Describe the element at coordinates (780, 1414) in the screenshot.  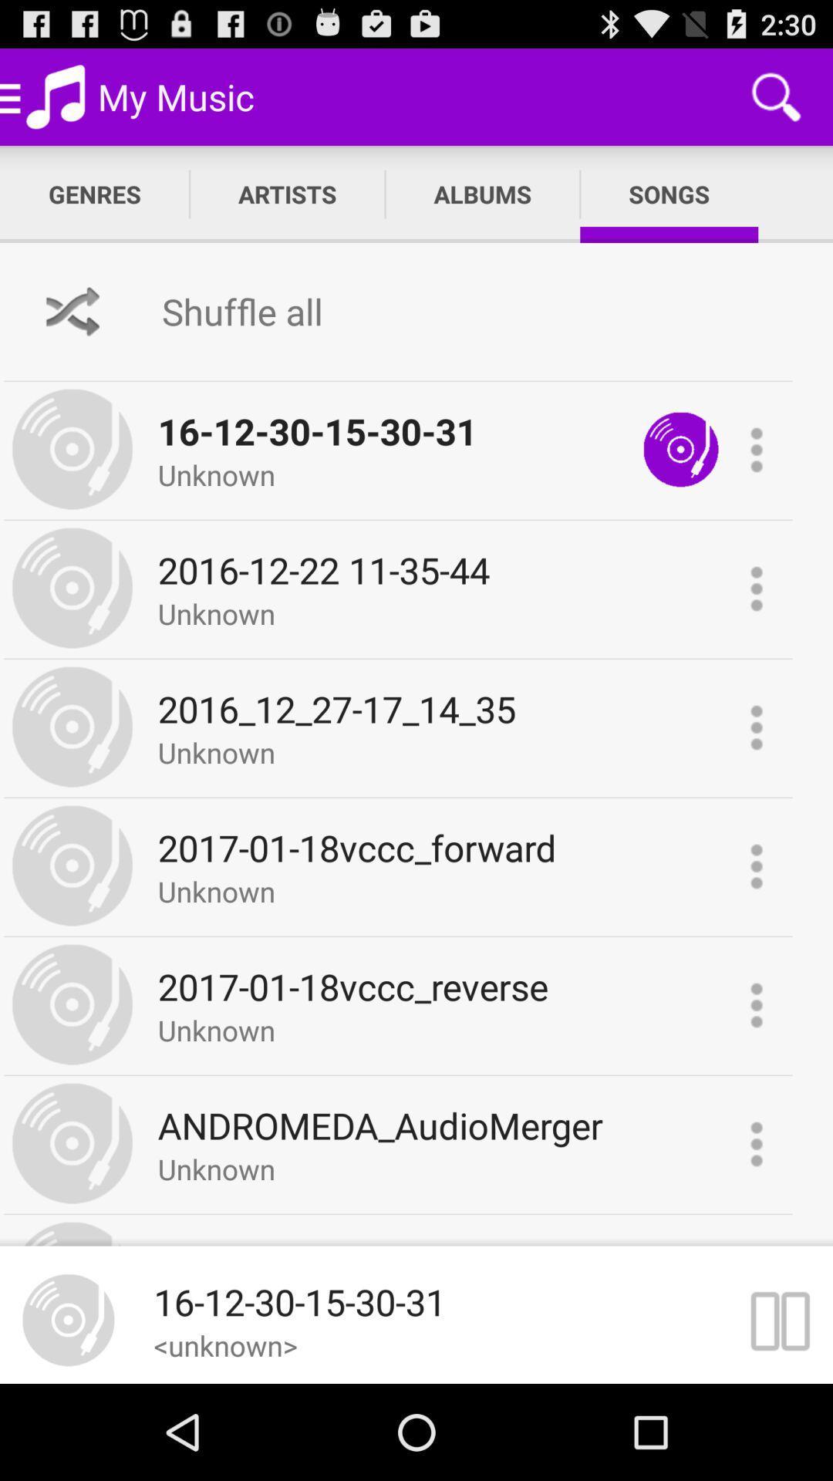
I see `the pause icon` at that location.